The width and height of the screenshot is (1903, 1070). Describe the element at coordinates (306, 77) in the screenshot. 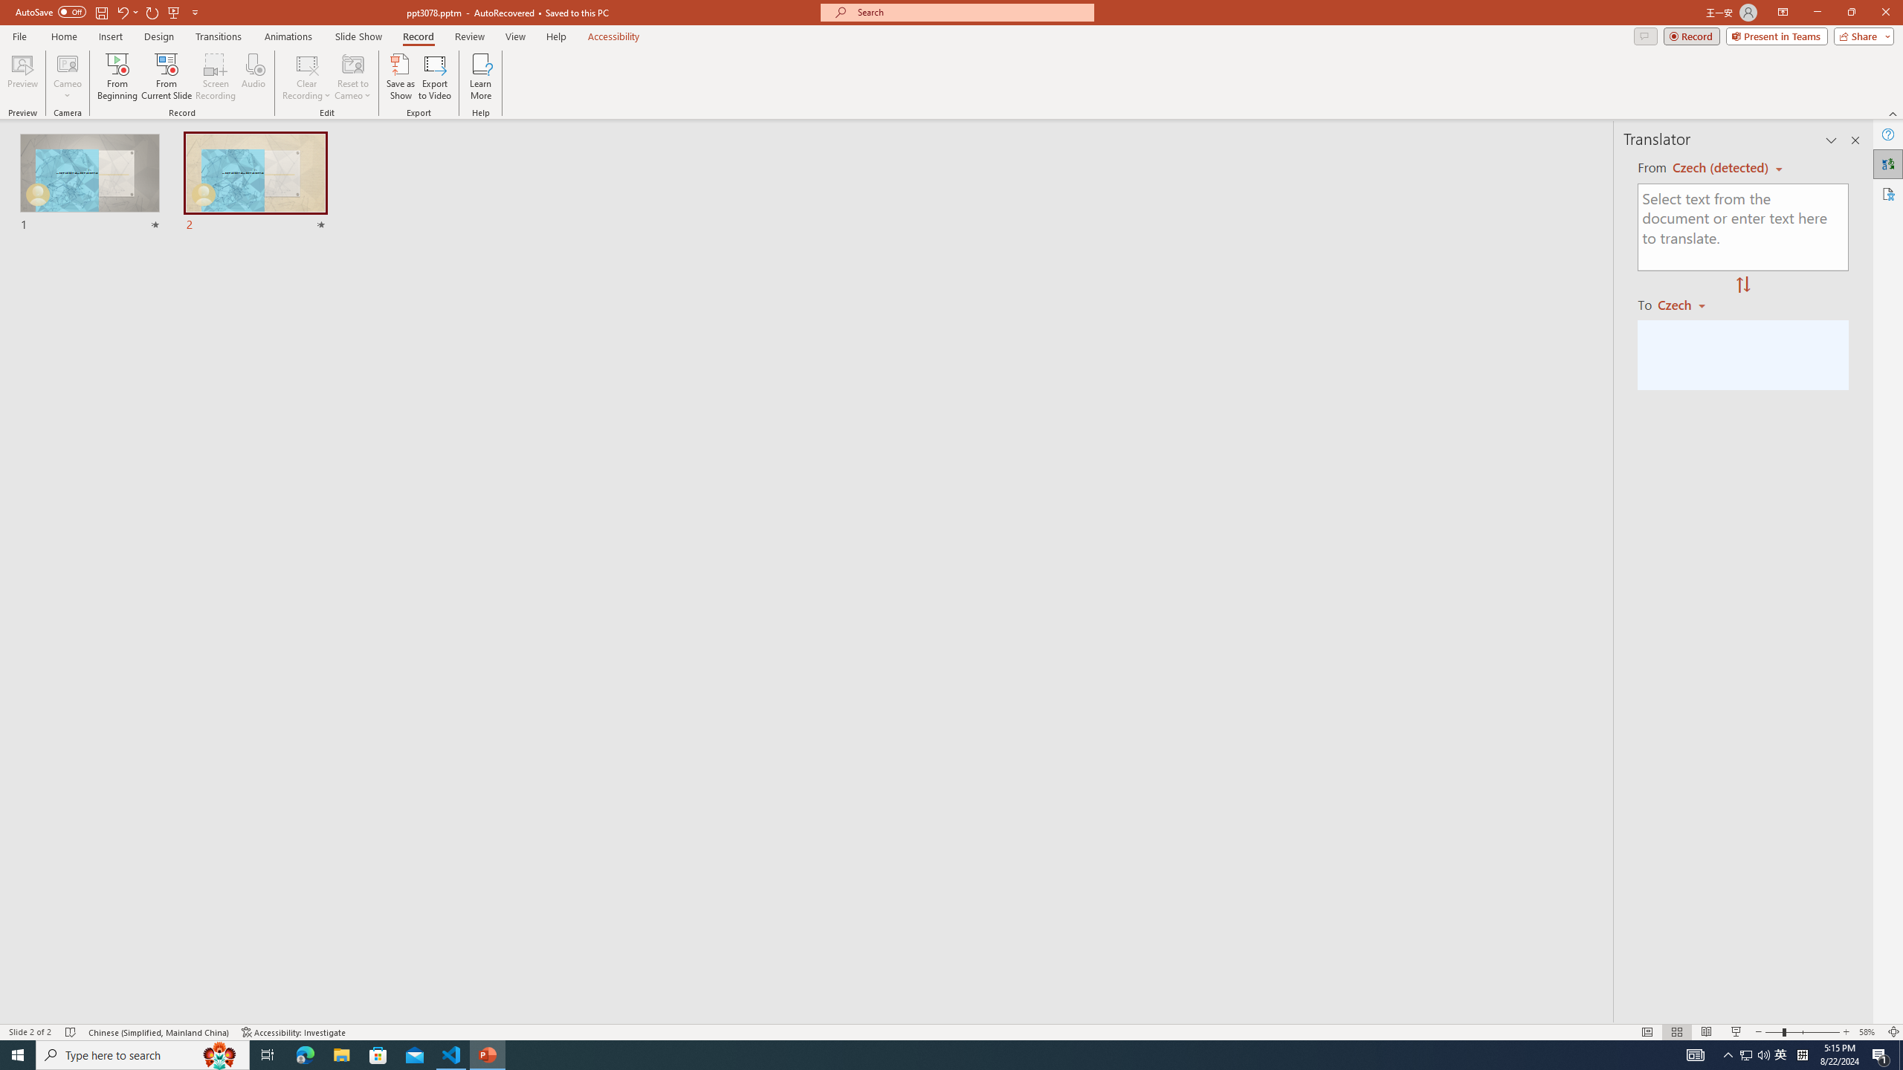

I see `'Clear Recording'` at that location.